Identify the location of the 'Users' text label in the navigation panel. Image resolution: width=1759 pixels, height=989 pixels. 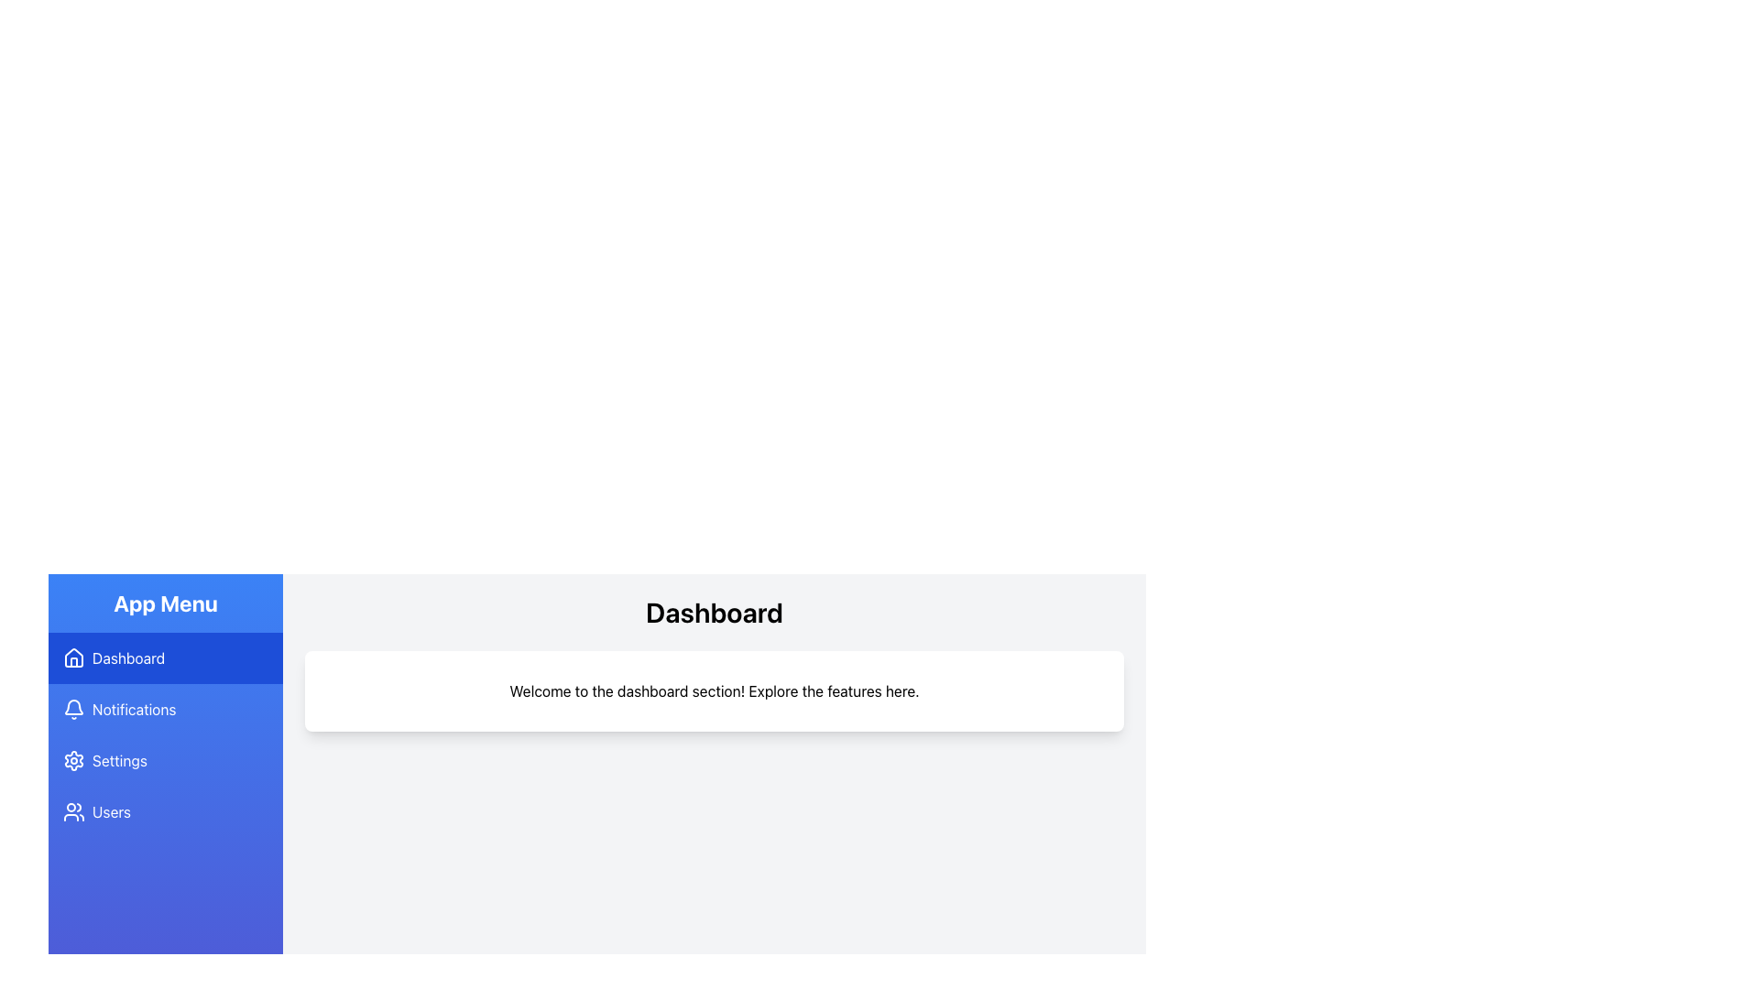
(111, 811).